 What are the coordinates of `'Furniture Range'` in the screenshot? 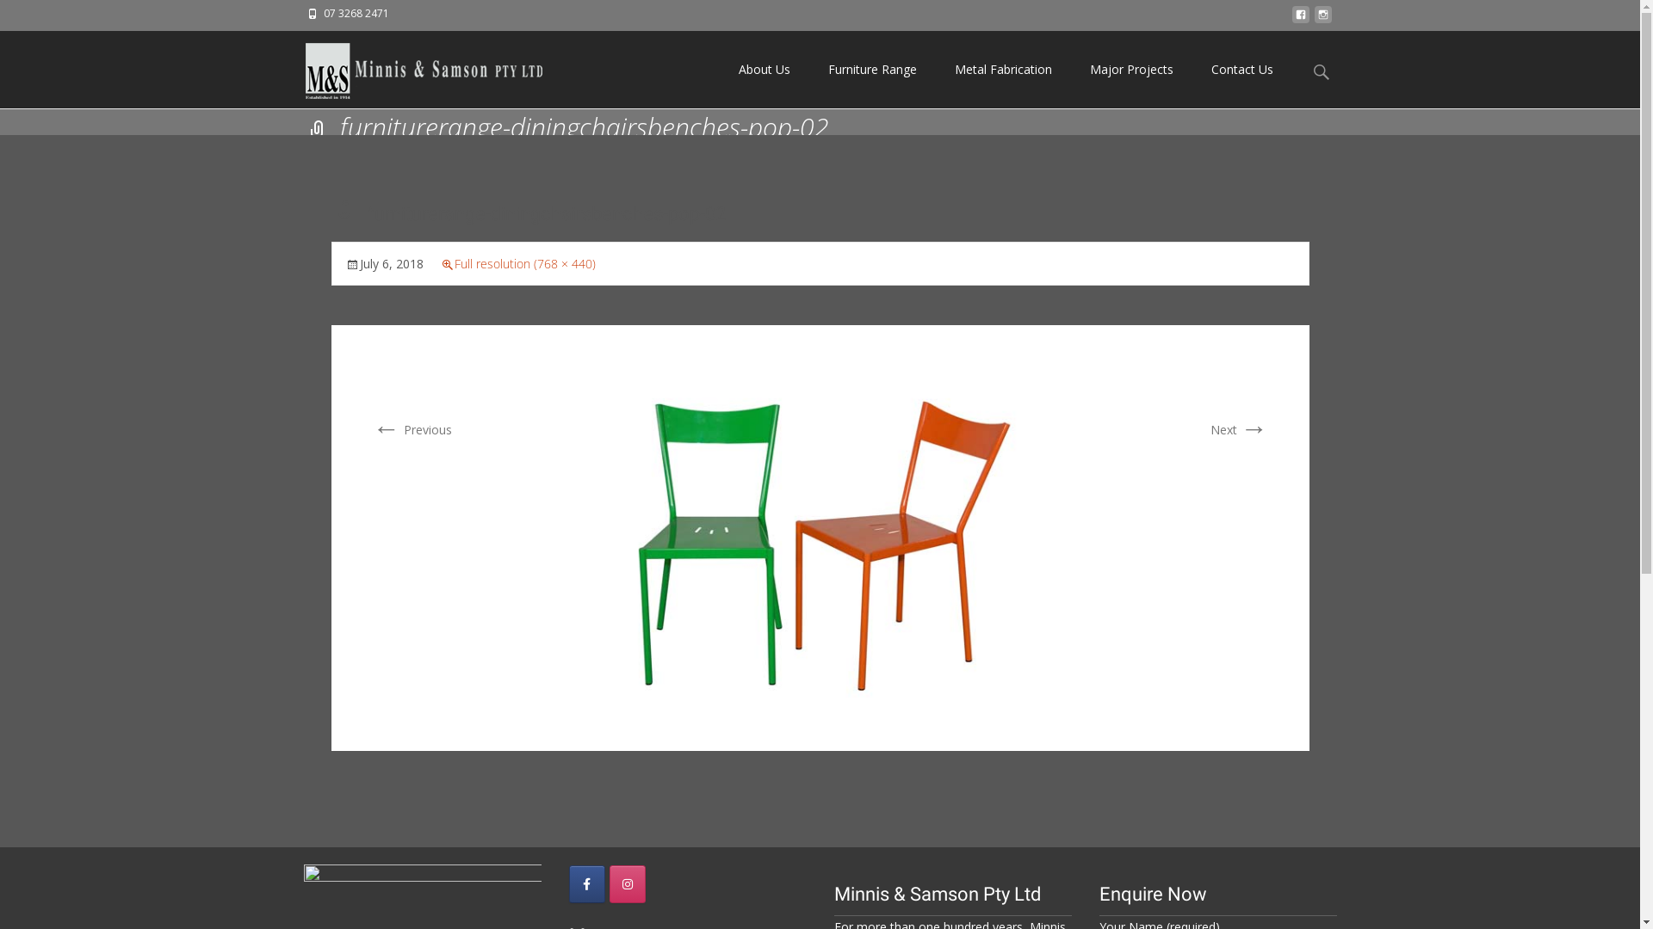 It's located at (872, 69).